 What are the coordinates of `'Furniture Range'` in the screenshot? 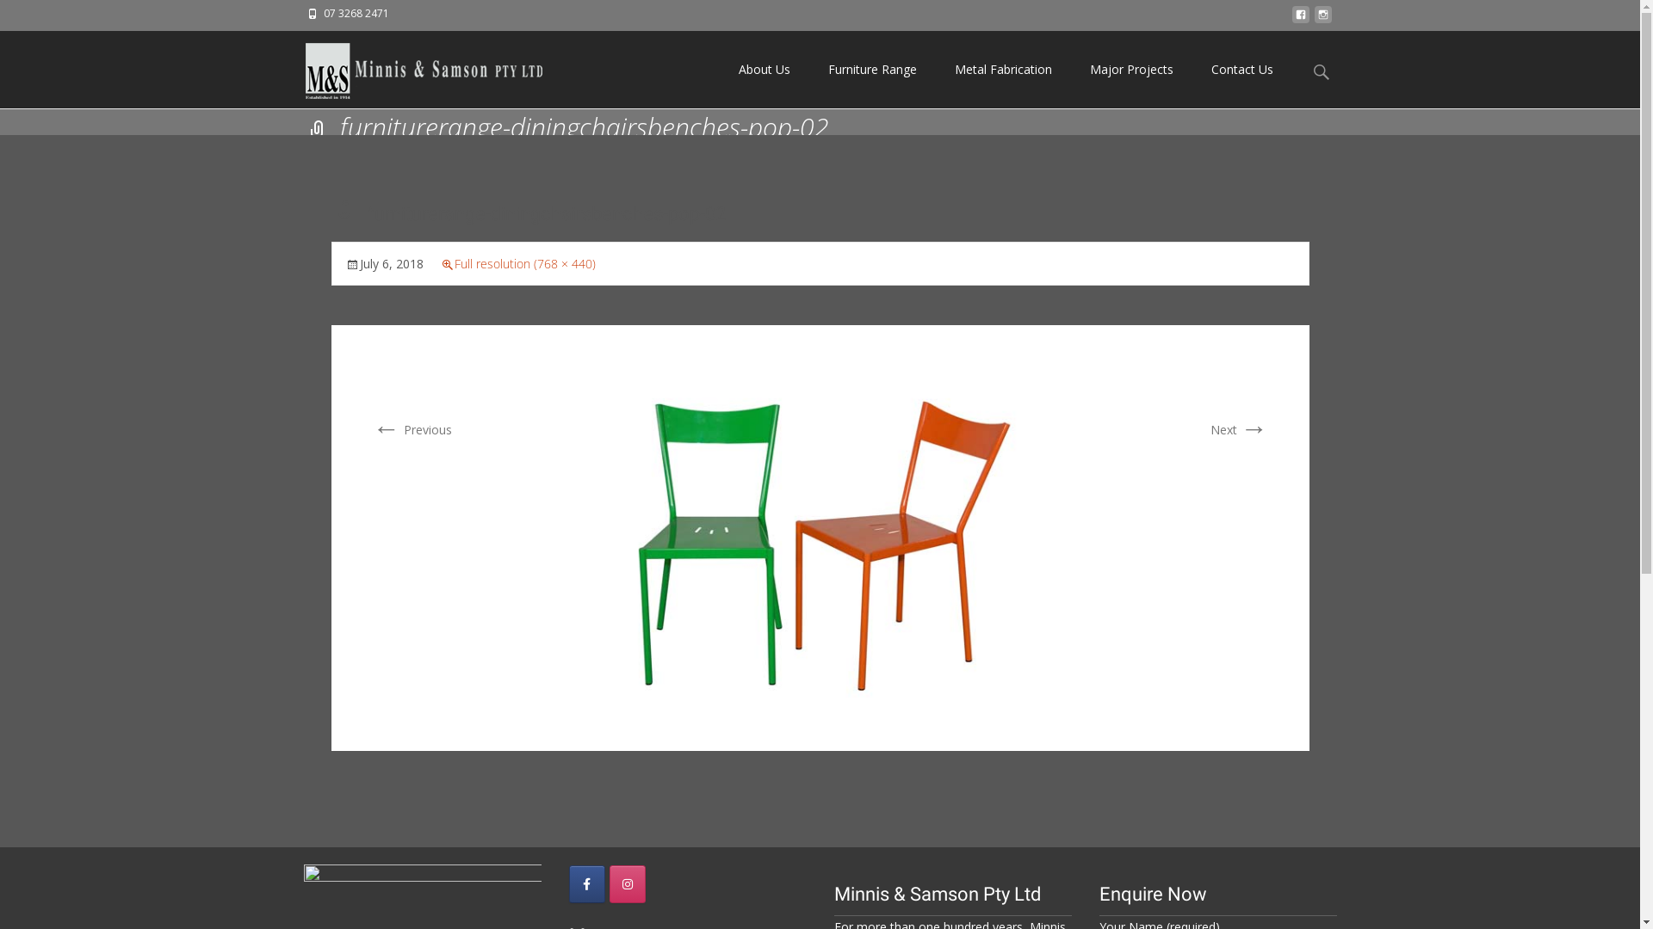 It's located at (872, 69).